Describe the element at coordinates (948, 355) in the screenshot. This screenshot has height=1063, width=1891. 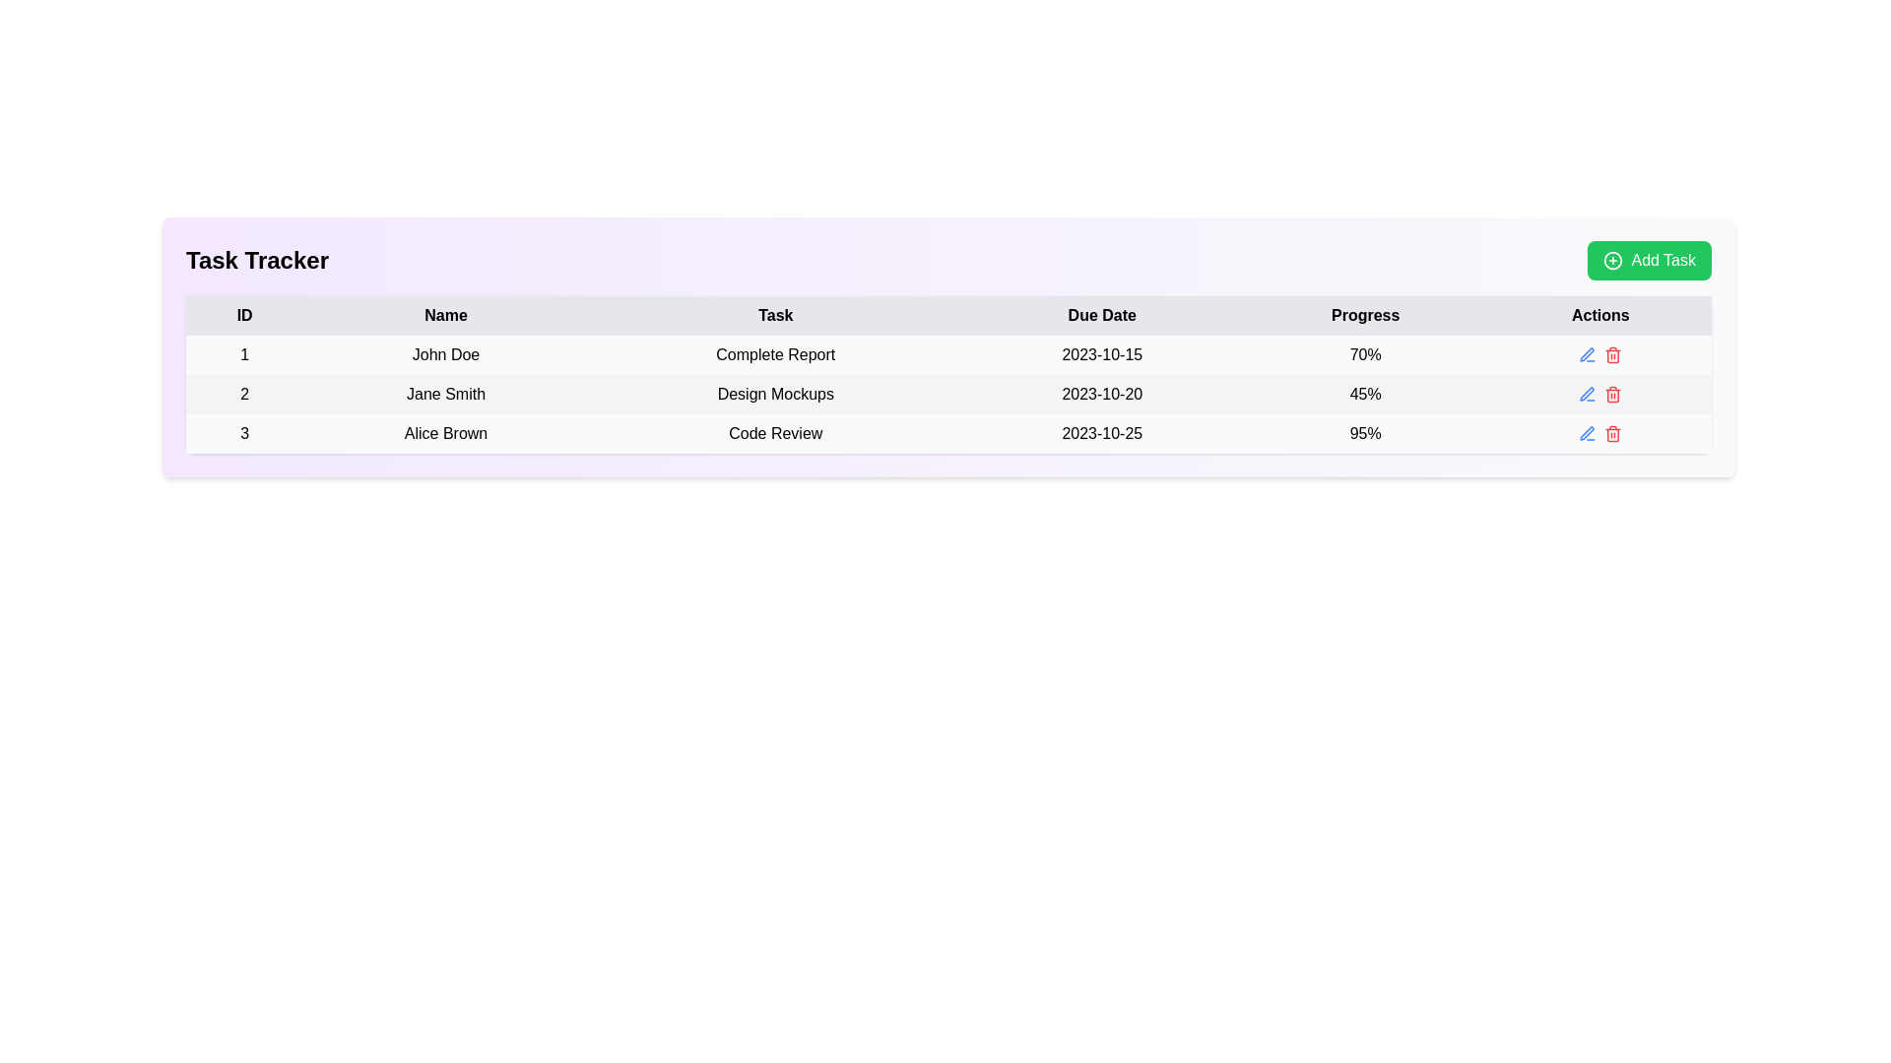
I see `the first row of the task tracker table containing ID '1', Name 'John Doe', Task 'Complete Report', Due Date '2023-10-15', and Progress '70%' to perform batch actions` at that location.